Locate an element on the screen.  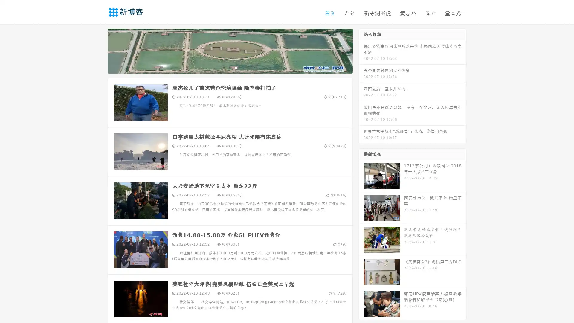
Go to slide 3 is located at coordinates (236, 67).